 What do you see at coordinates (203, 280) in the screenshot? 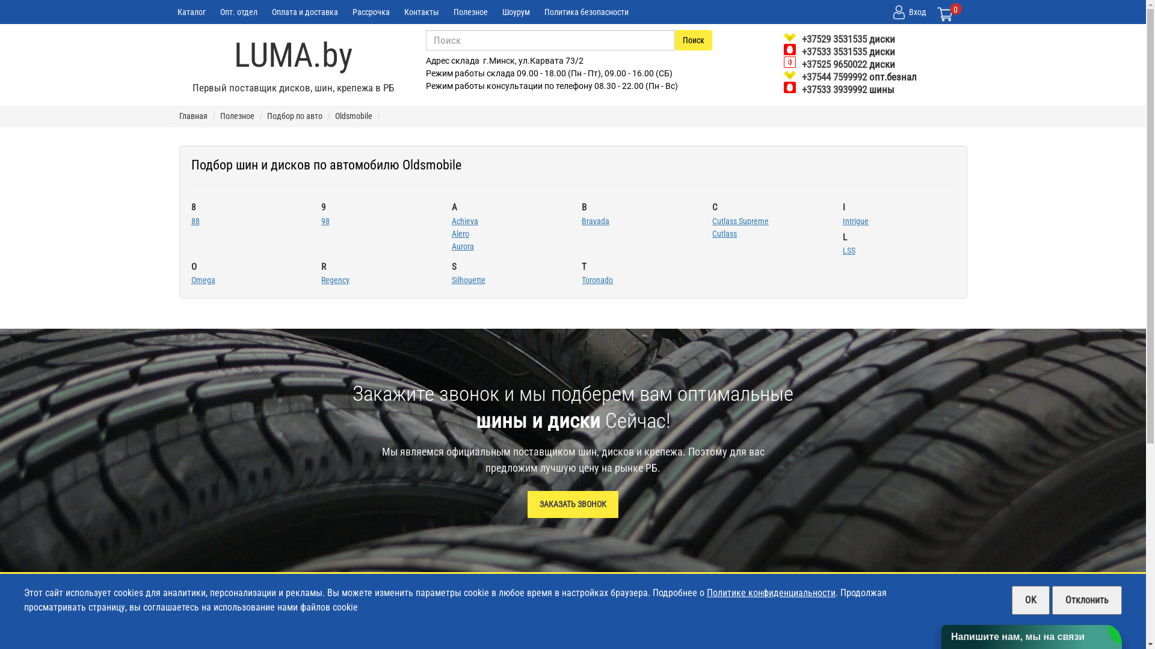
I see `'Omega'` at bounding box center [203, 280].